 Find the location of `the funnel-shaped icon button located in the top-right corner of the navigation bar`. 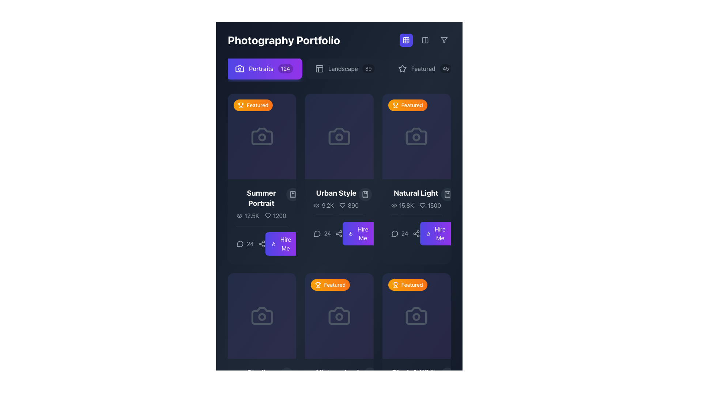

the funnel-shaped icon button located in the top-right corner of the navigation bar is located at coordinates (444, 40).